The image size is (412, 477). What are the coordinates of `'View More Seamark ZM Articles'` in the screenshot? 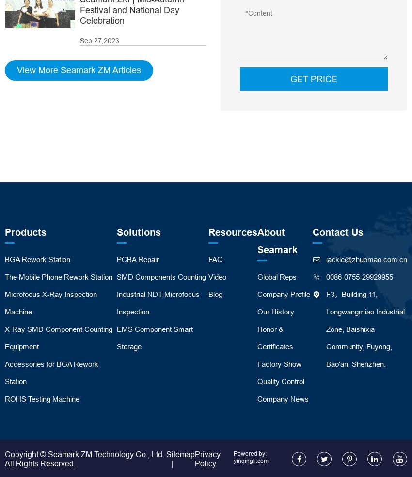 It's located at (79, 69).